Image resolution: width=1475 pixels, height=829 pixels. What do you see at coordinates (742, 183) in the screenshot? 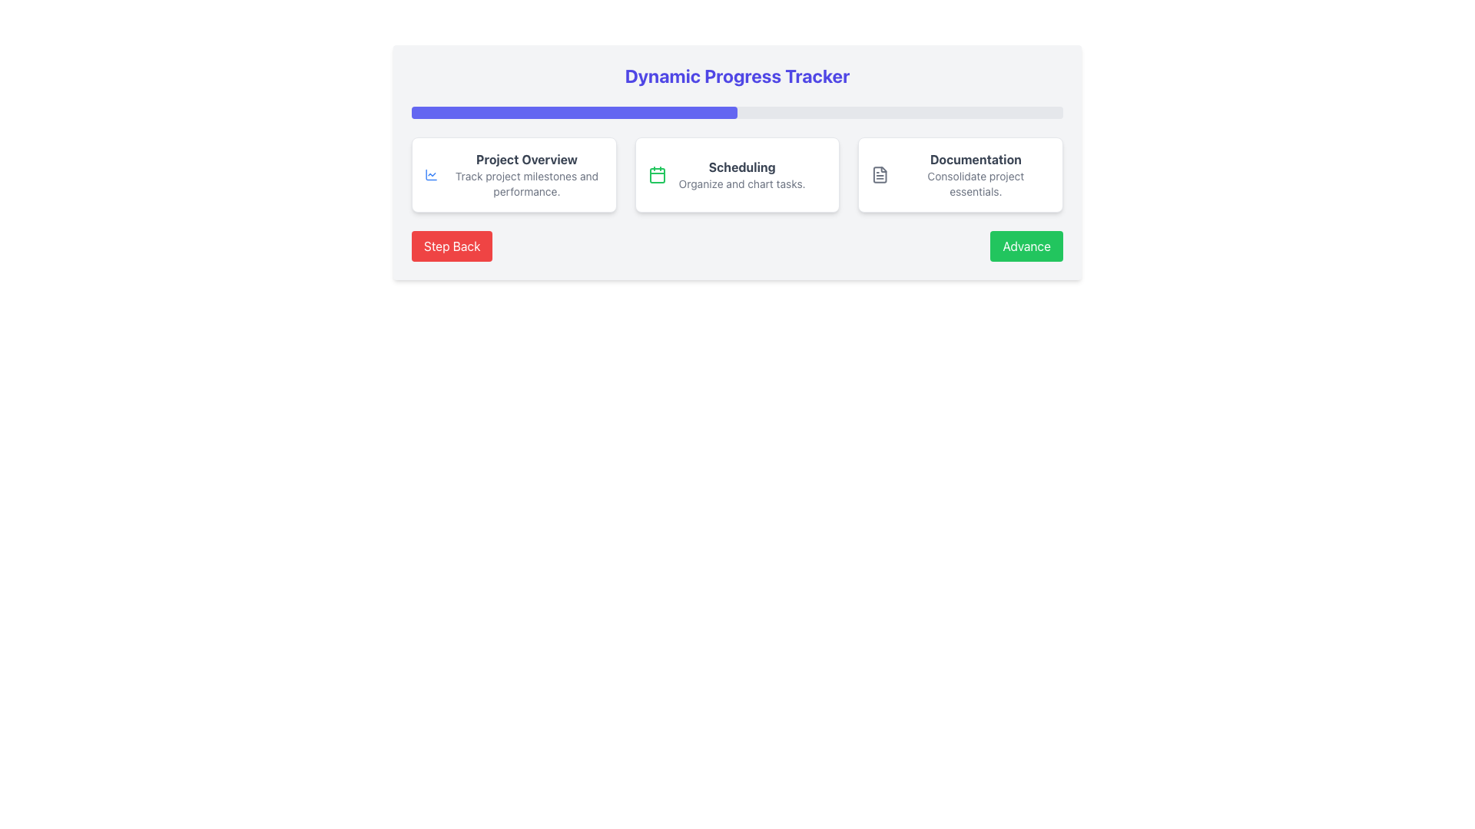
I see `the text 'Organize and chart tasks.' located under the 'Scheduling' heading within the card` at bounding box center [742, 183].